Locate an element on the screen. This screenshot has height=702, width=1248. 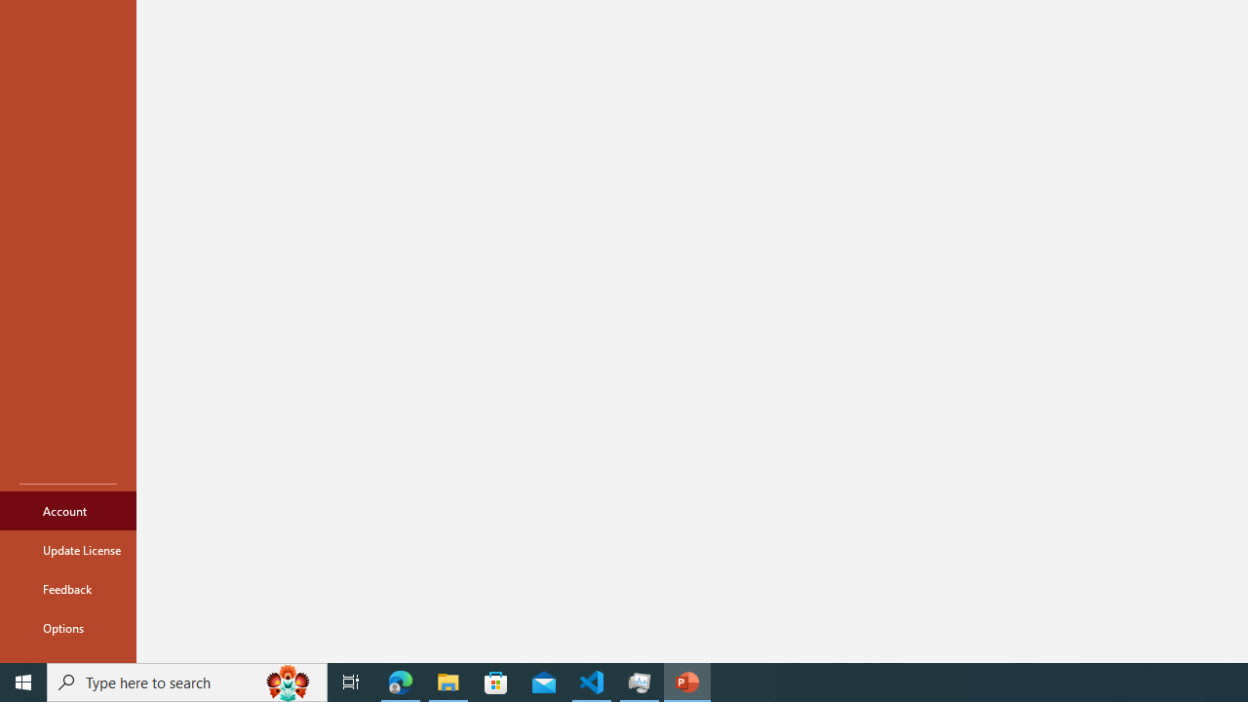
'File Explorer - 1 running window' is located at coordinates (448, 681).